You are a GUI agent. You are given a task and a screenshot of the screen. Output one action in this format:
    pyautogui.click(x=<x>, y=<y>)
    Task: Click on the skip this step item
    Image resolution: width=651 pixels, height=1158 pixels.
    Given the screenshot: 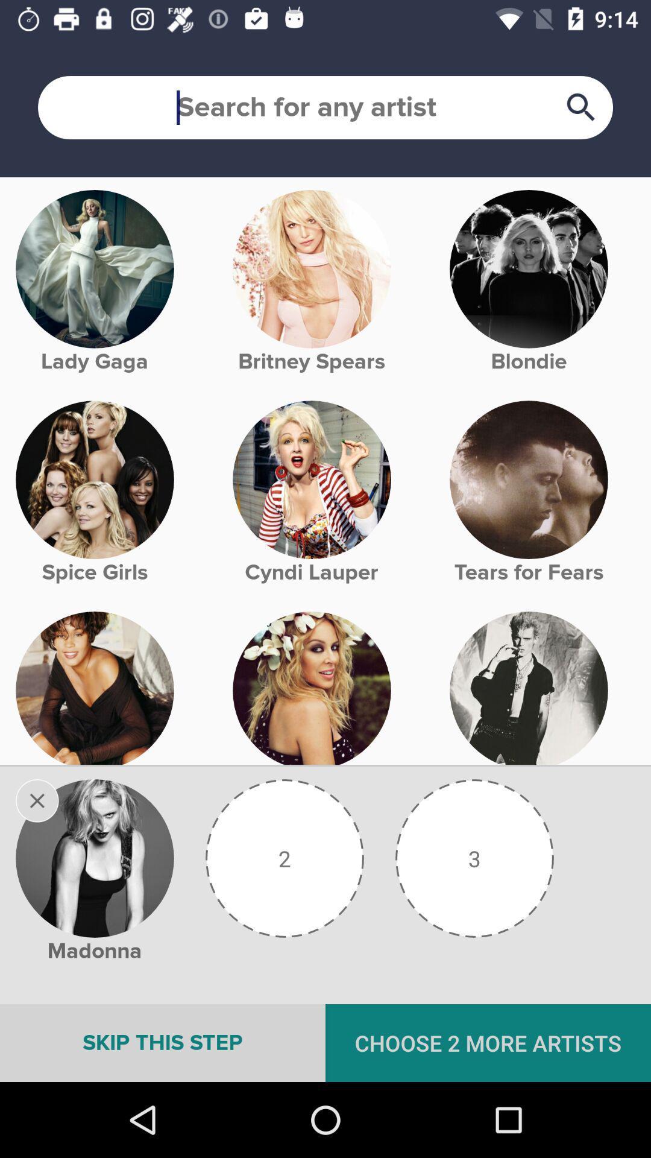 What is the action you would take?
    pyautogui.click(x=163, y=1042)
    